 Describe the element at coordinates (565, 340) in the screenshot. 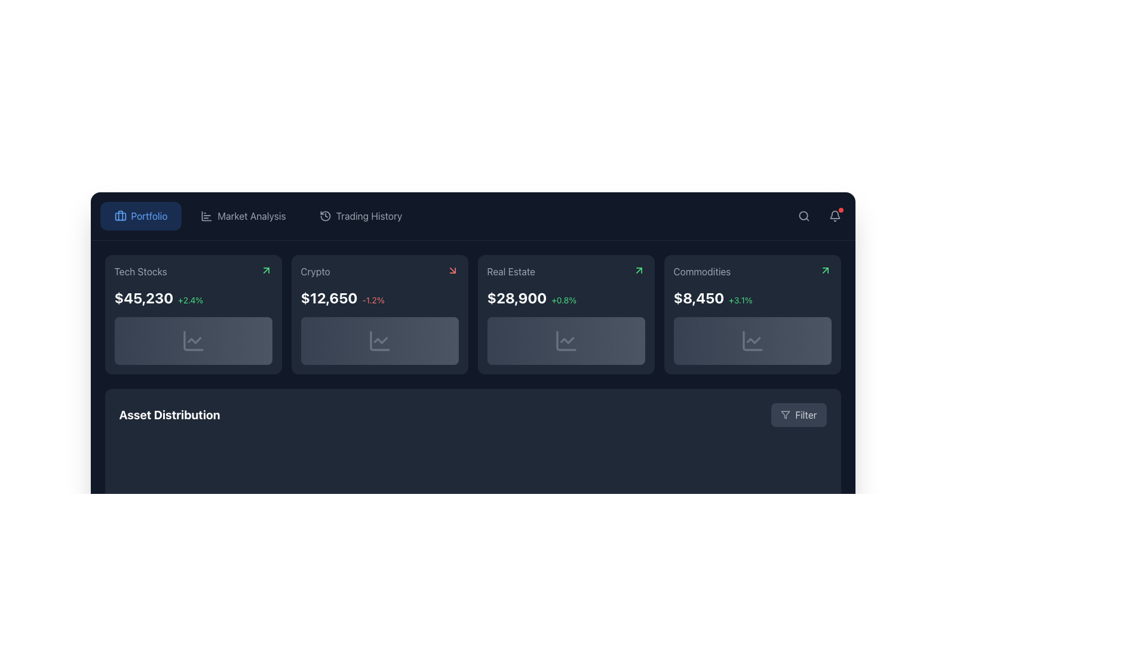

I see `the chart icon representing the 'Real Estate' metric located at the bottom-center of the third card in a horizontal series of four` at that location.